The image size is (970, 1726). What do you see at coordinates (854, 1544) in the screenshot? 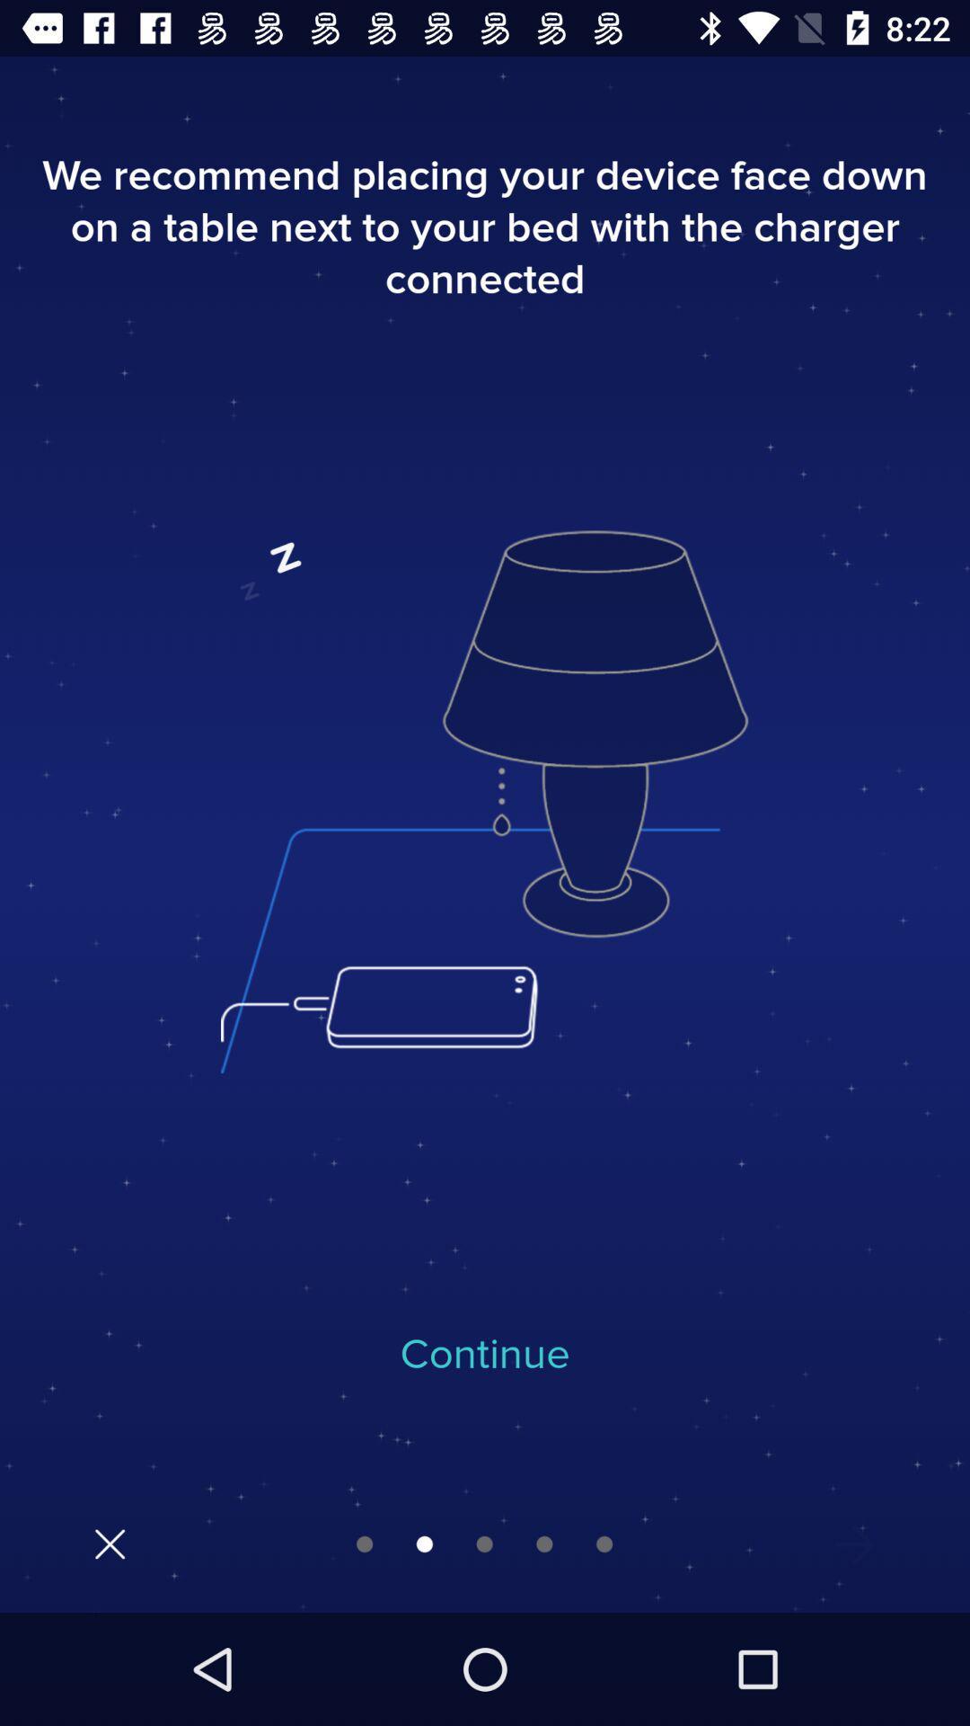
I see `the star icon` at bounding box center [854, 1544].